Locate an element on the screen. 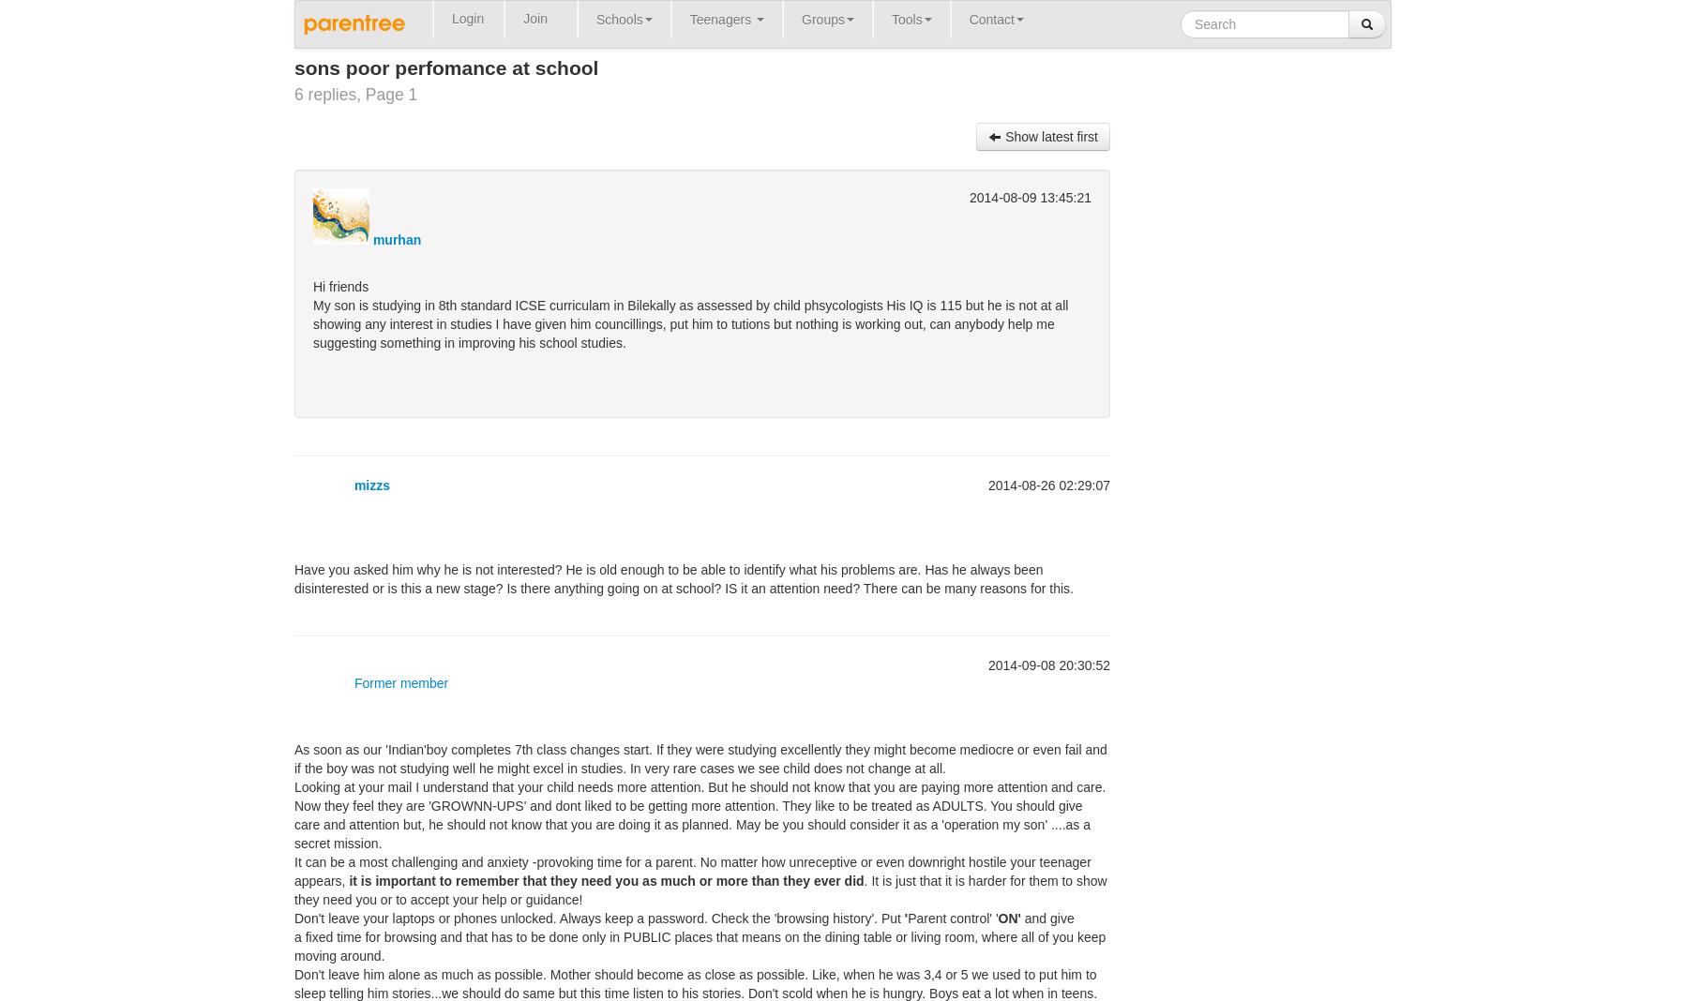  'sons poor perfomance at school' is located at coordinates (445, 67).